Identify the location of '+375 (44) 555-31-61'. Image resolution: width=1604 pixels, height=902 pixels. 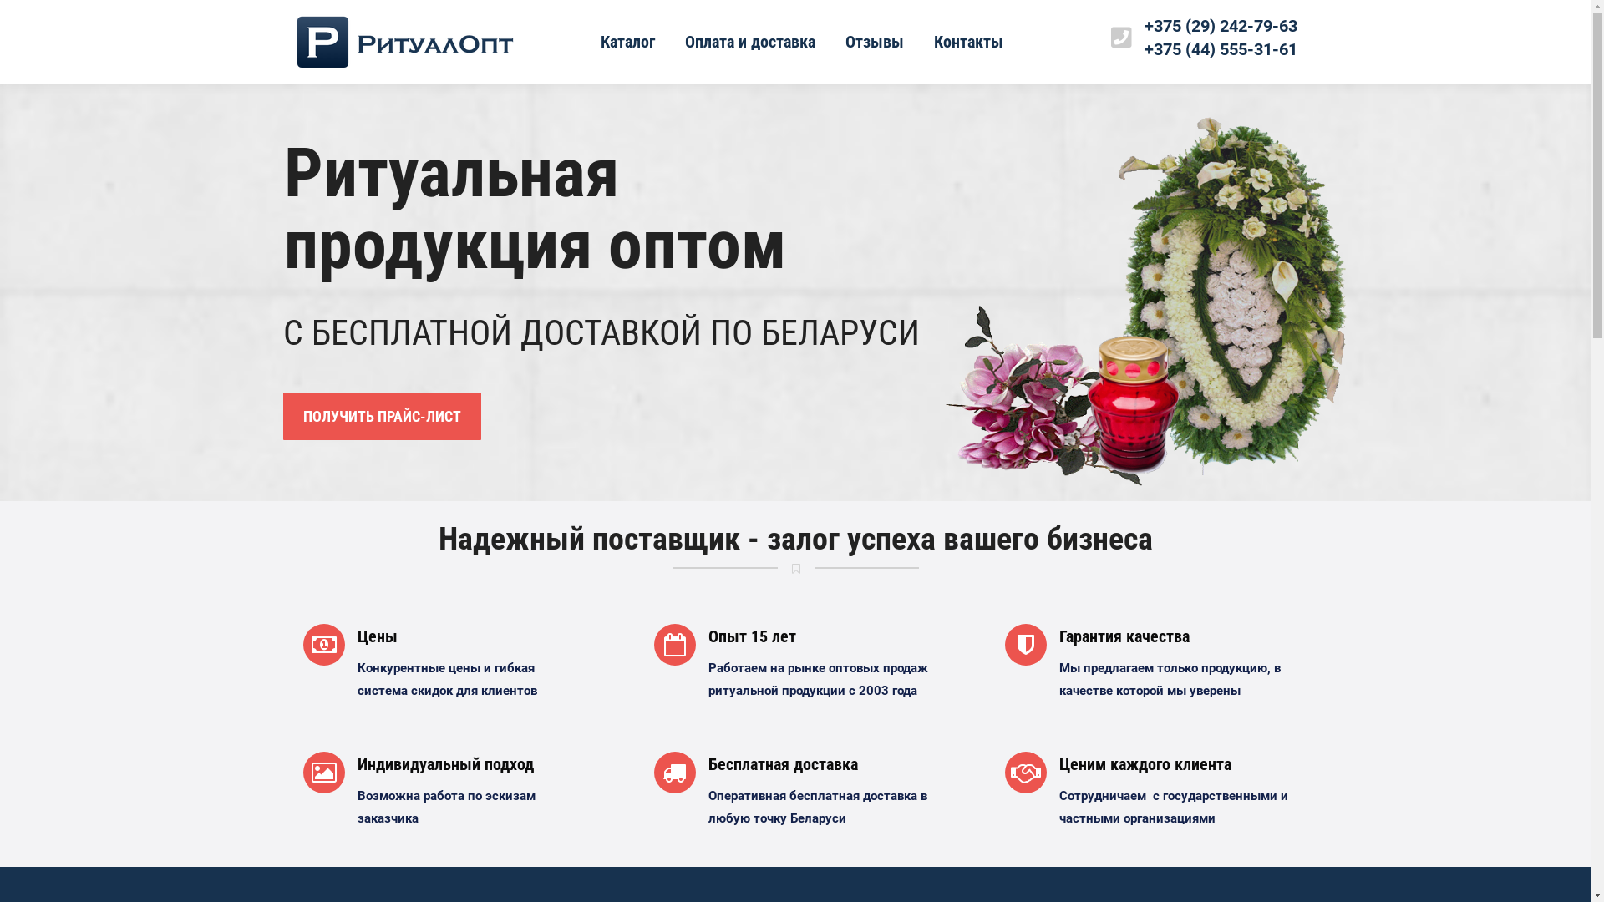
(1221, 48).